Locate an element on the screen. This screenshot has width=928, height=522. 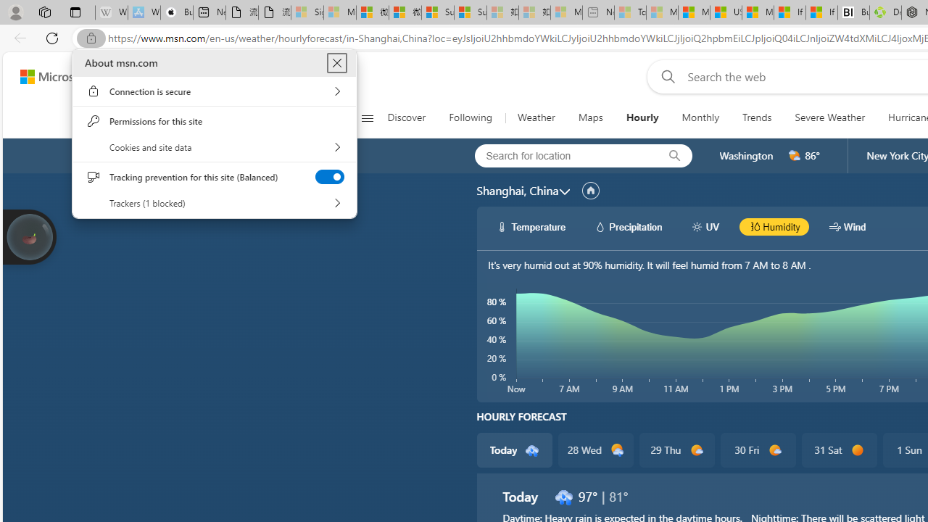
'hourlyChart/uvWhite UV' is located at coordinates (705, 226).